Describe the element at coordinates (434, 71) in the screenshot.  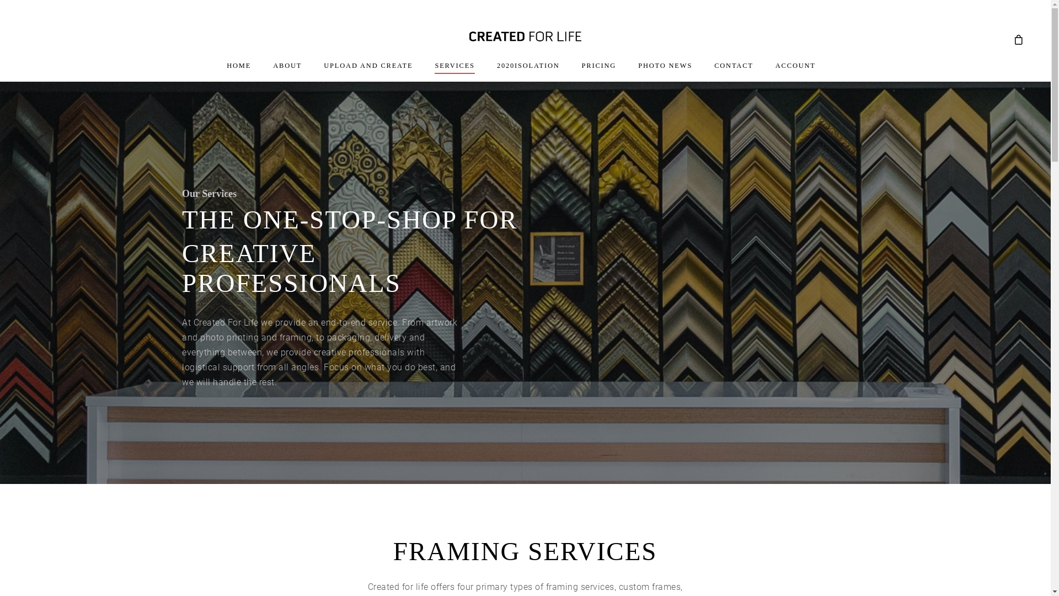
I see `'SERVICES'` at that location.